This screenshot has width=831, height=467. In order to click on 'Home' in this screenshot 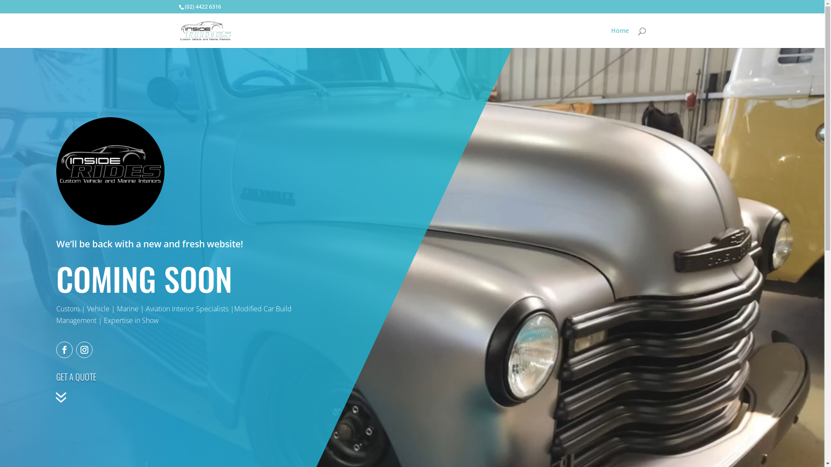, I will do `click(619, 37)`.